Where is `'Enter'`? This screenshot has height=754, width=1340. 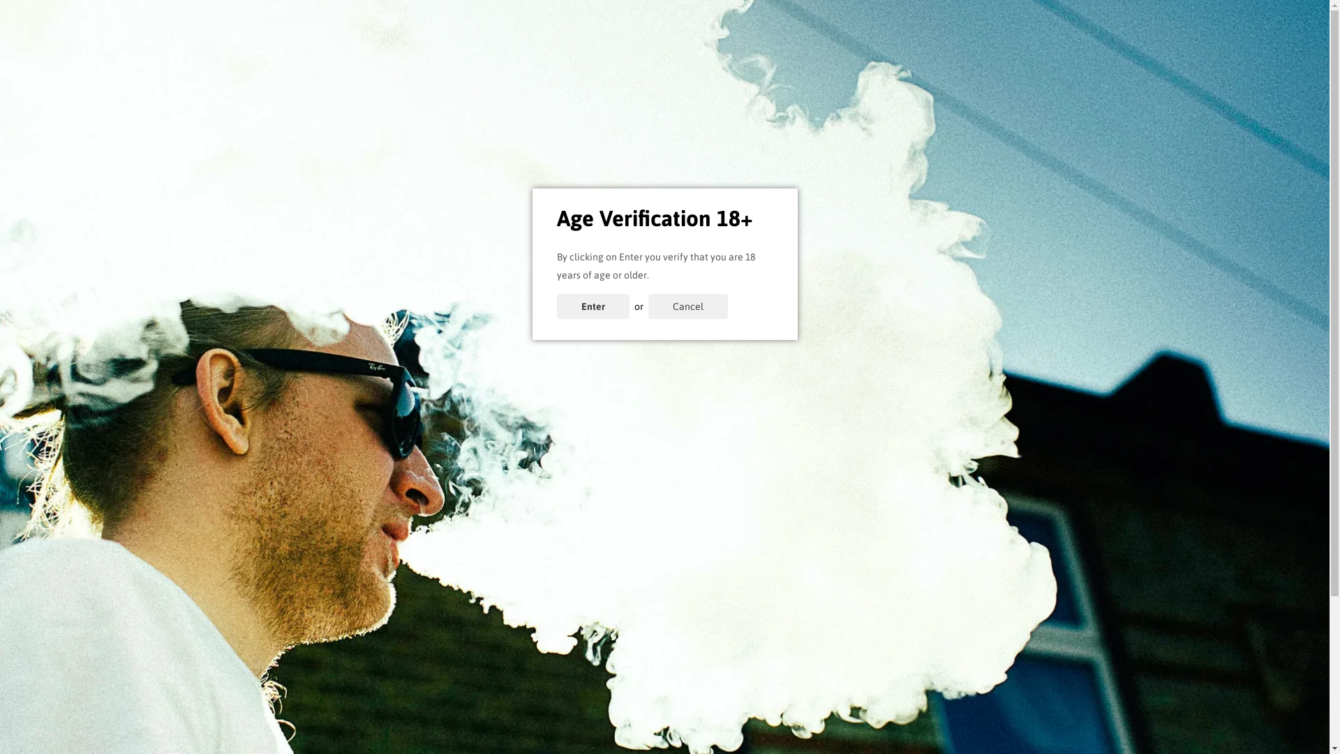
'Enter' is located at coordinates (593, 306).